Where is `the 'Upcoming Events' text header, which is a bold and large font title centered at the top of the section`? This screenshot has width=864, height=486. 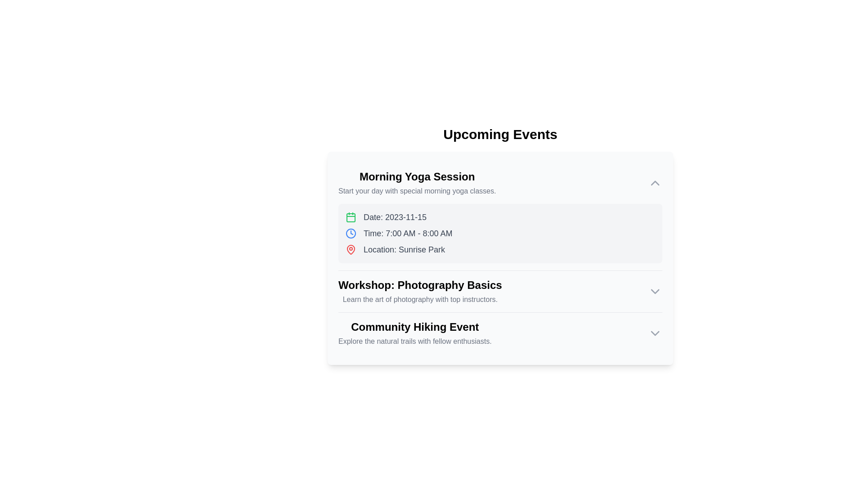 the 'Upcoming Events' text header, which is a bold and large font title centered at the top of the section is located at coordinates (500, 135).